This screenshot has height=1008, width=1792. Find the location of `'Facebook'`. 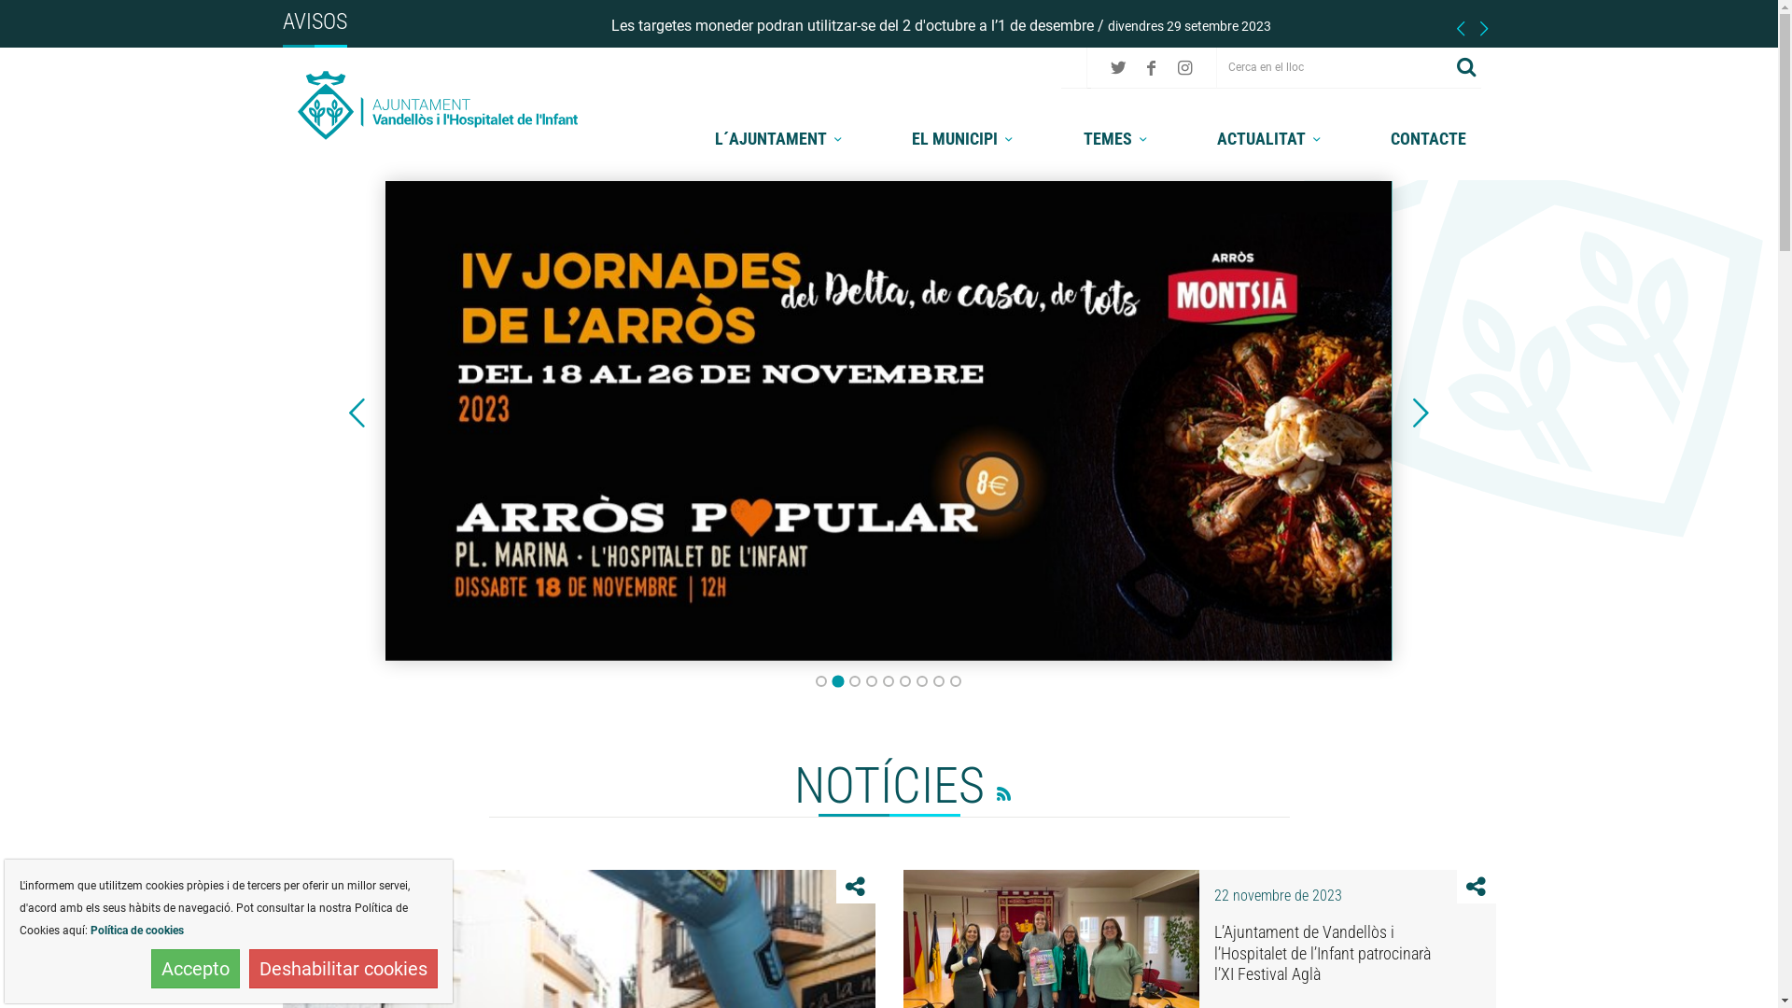

'Facebook' is located at coordinates (1138, 66).